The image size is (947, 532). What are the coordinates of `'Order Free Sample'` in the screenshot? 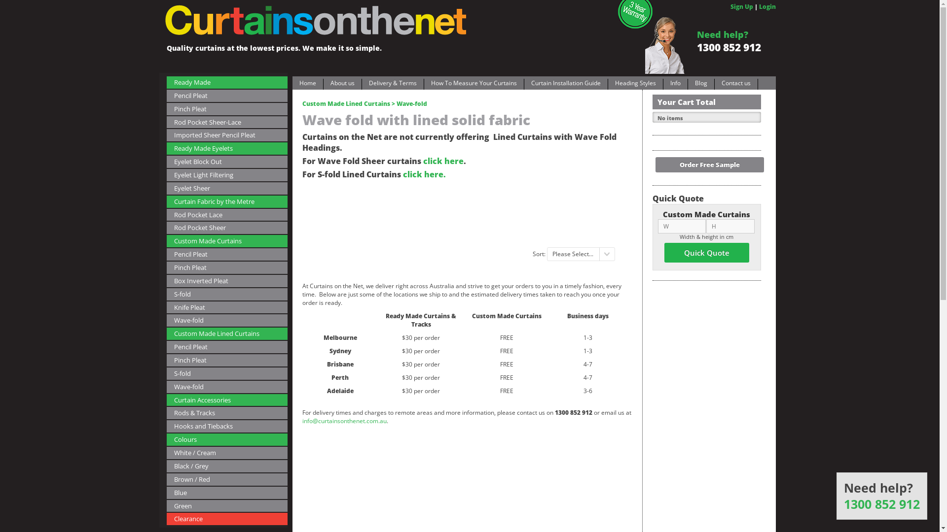 It's located at (709, 164).